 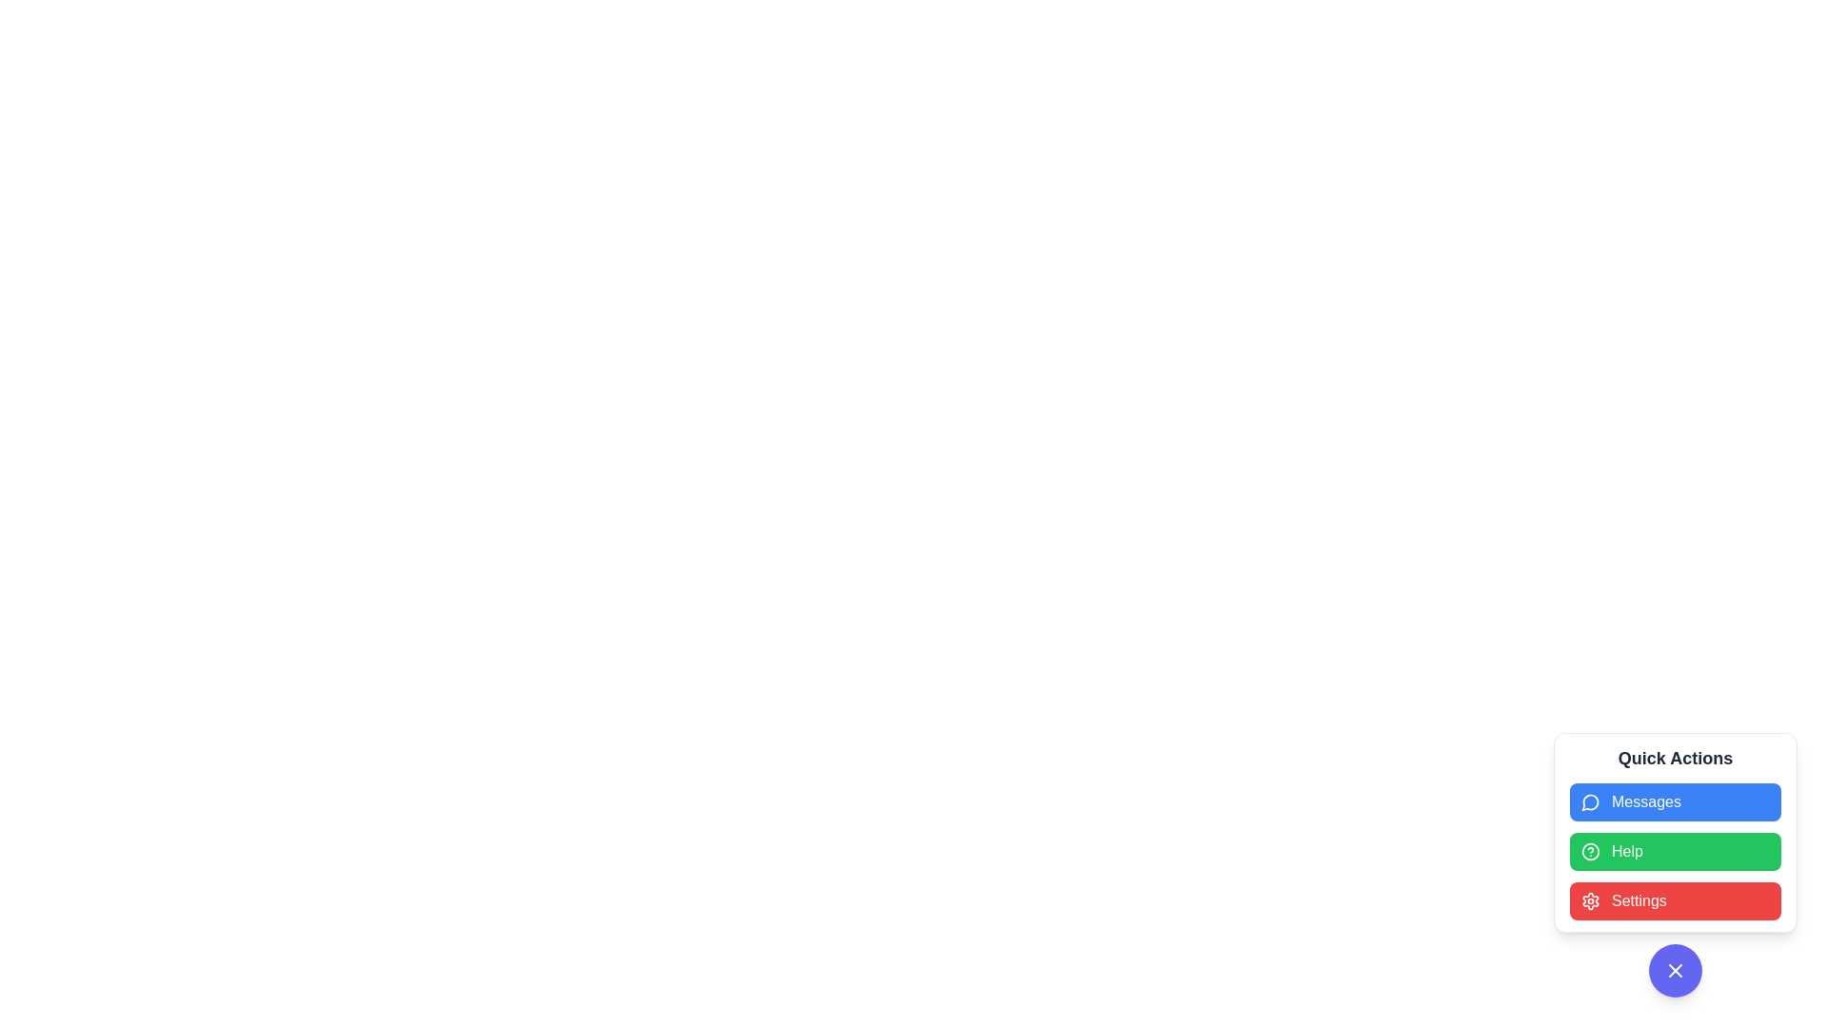 I want to click on the horizontally-stretched green rectangular button labeled 'Help', which is the second button in the list within the 'Quick Actions' floating card, so click(x=1676, y=865).